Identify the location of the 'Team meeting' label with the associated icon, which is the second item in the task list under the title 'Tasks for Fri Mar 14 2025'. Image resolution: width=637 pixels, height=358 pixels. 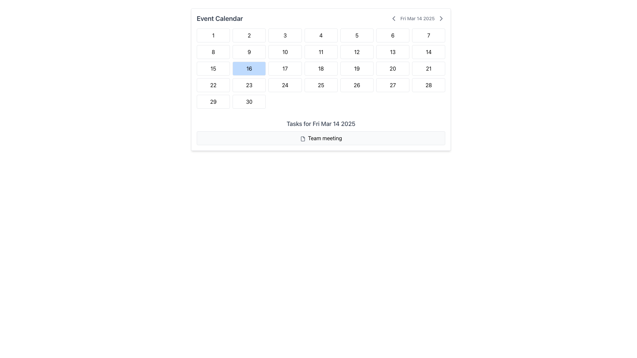
(321, 138).